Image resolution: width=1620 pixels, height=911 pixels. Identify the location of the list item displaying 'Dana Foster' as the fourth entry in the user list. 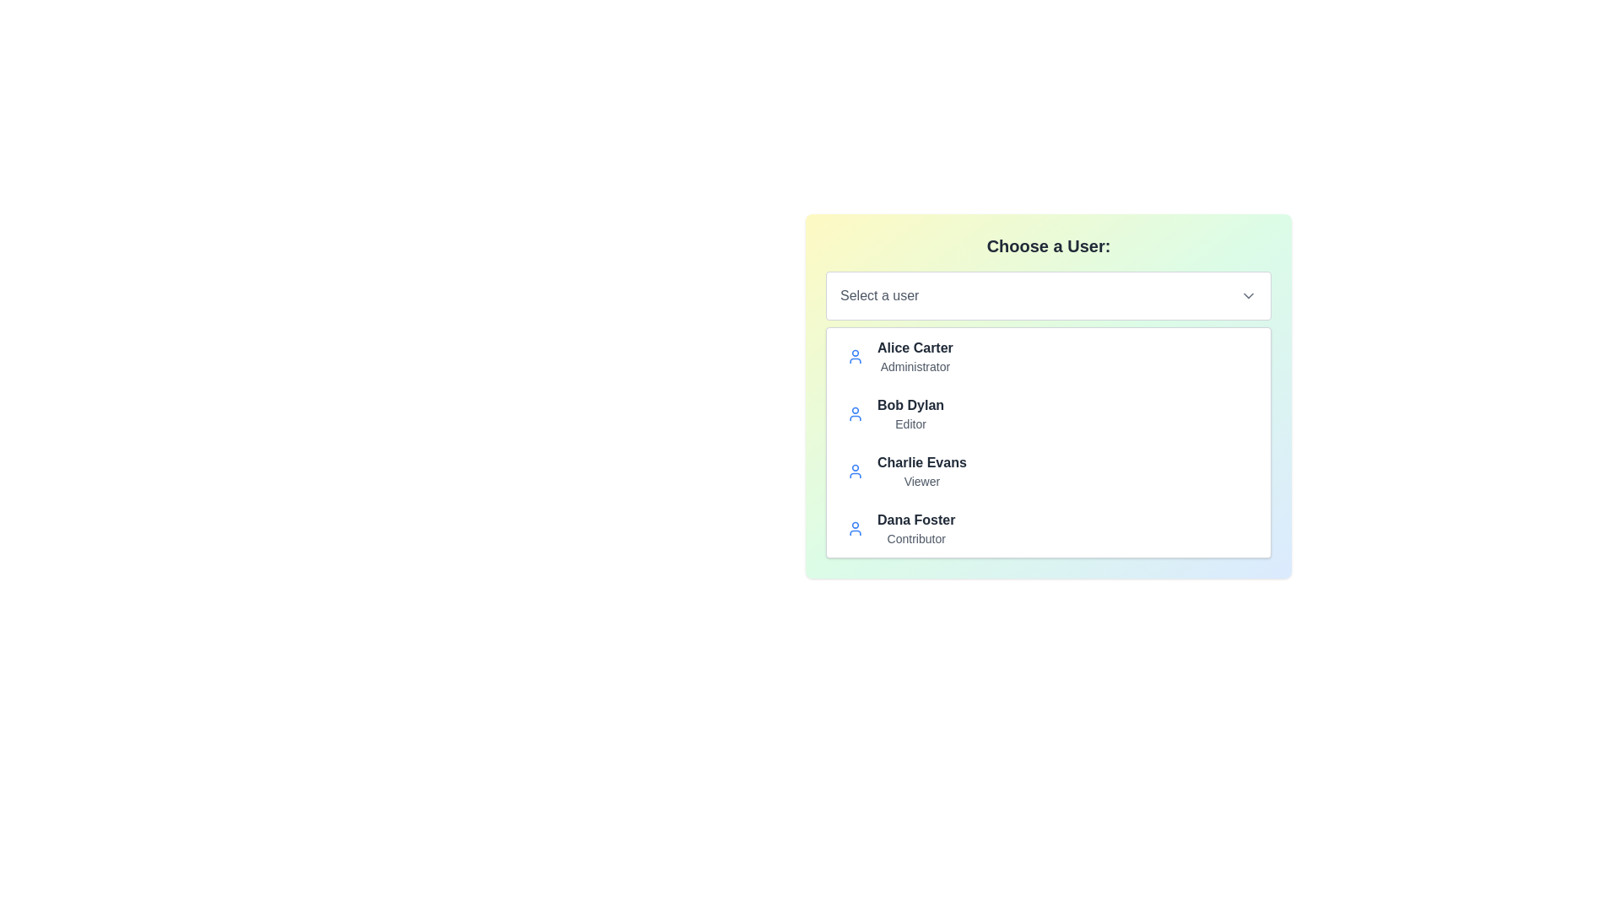
(1048, 528).